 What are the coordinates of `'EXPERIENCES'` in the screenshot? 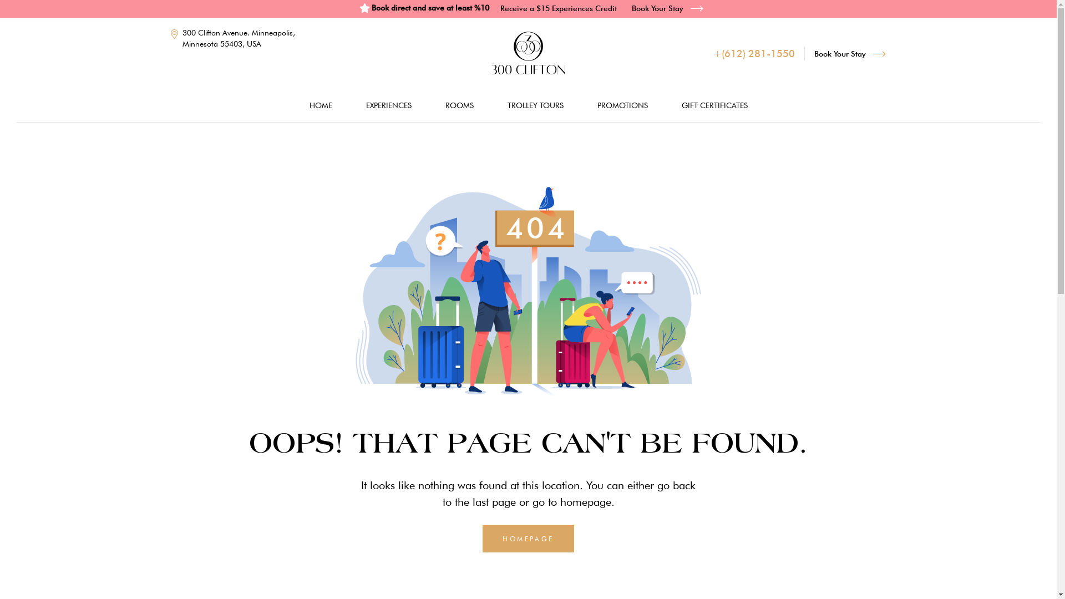 It's located at (388, 105).